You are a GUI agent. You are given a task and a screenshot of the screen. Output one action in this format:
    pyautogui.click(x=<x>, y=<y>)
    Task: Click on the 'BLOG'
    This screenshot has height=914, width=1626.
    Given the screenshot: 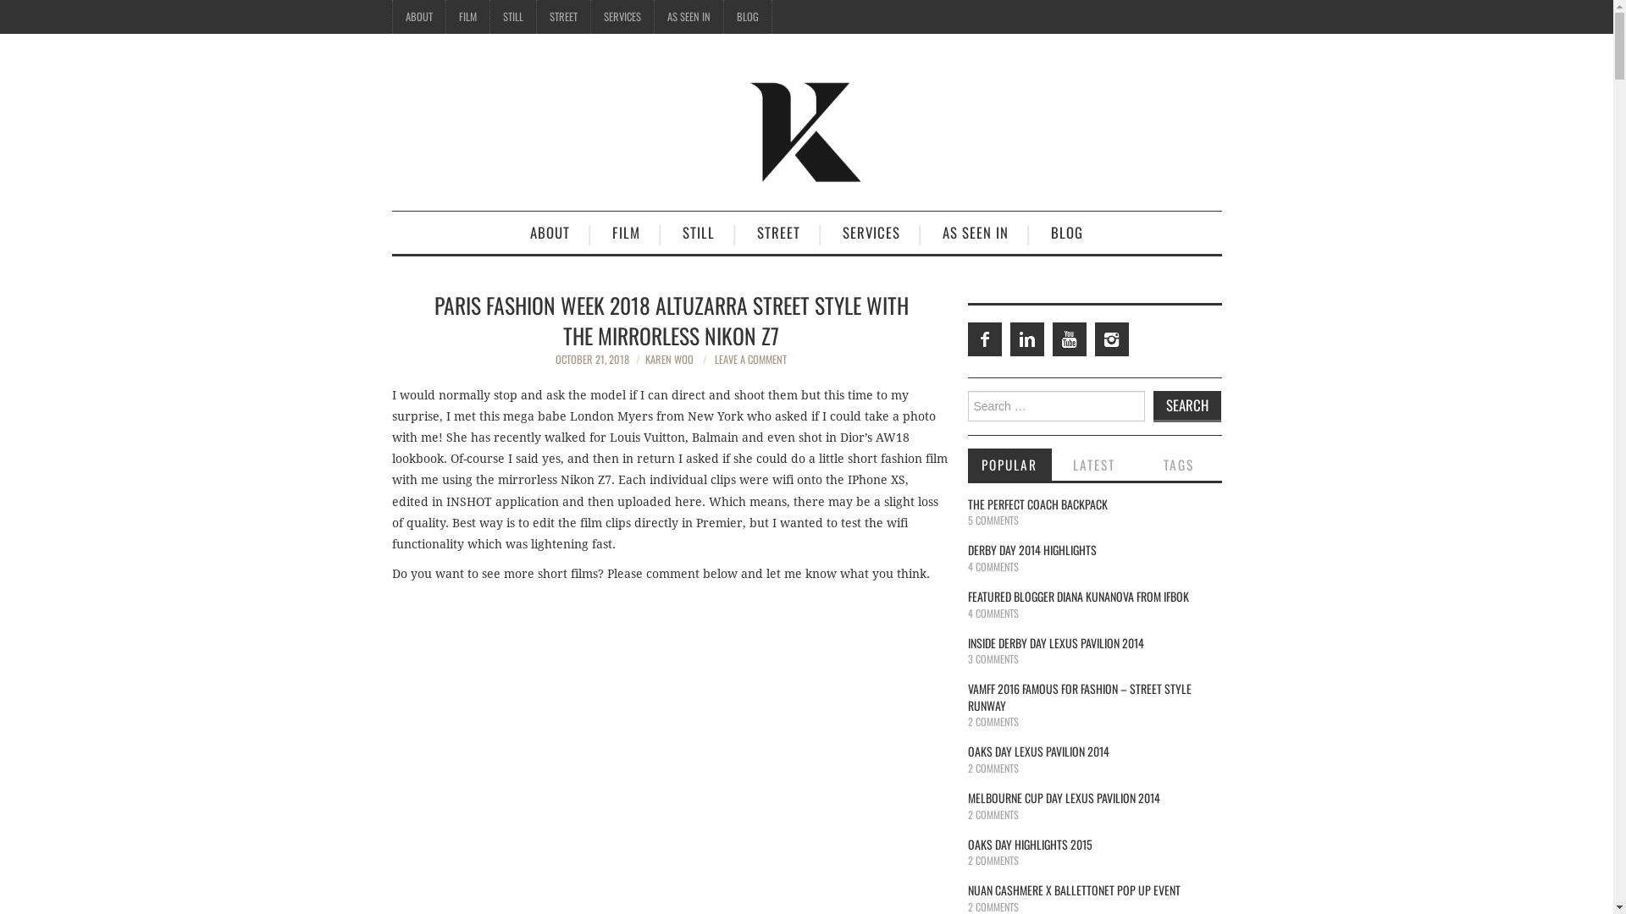 What is the action you would take?
    pyautogui.click(x=746, y=16)
    